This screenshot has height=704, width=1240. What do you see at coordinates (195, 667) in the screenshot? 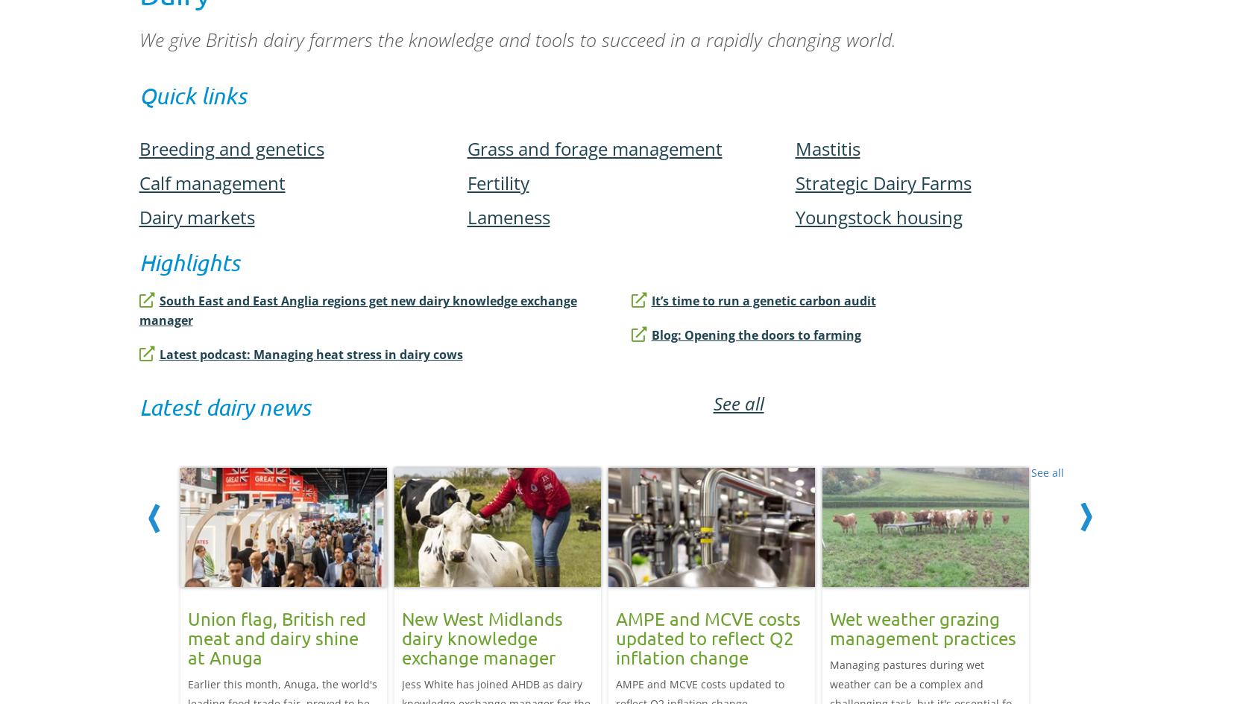
I see `'Reports and reviews'` at bounding box center [195, 667].